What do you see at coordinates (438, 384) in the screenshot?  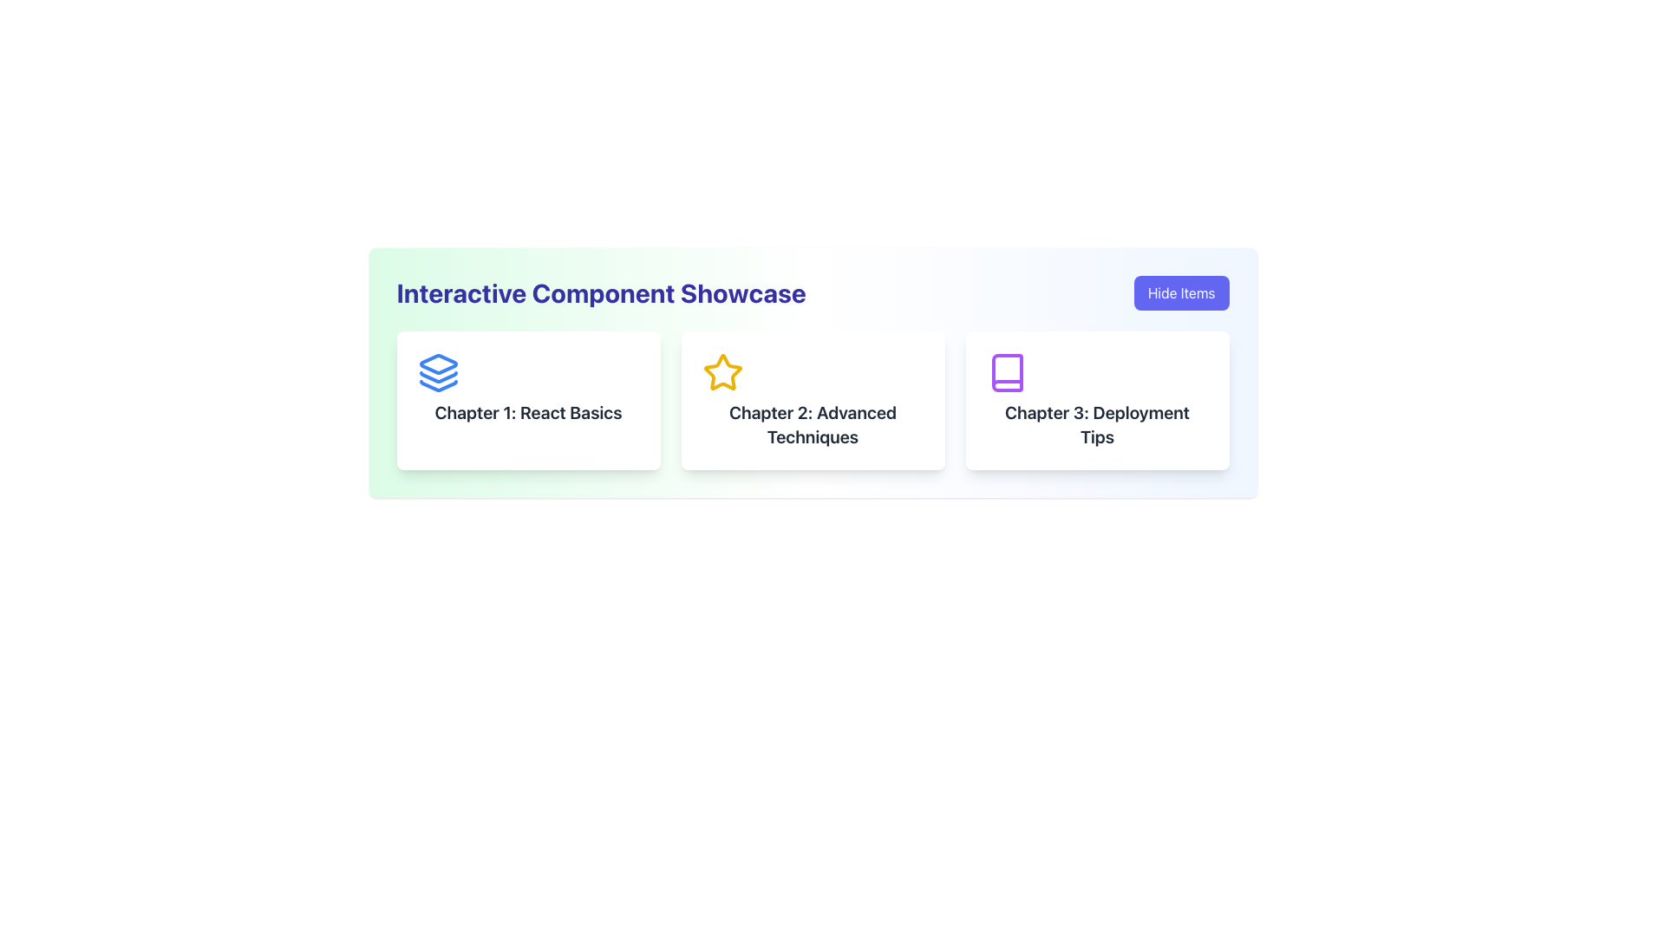 I see `the bottom-most graphical decorative element in the stacked design of the leftmost card labeled 'Chapter 1: React Basics'` at bounding box center [438, 384].